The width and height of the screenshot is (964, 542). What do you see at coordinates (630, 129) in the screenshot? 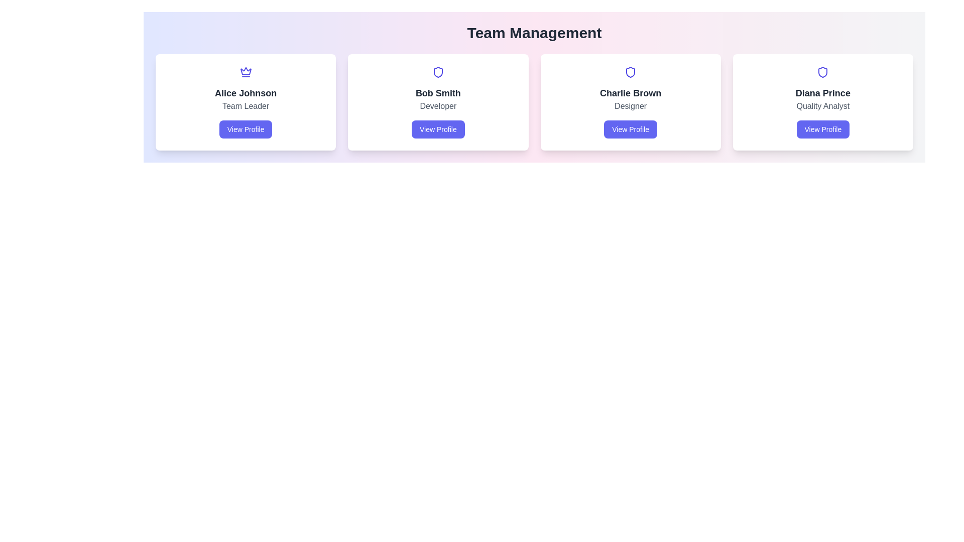
I see `the 'View Profile' button with a purple background and white text, located at the bottom of Charlie Brown's card` at bounding box center [630, 129].